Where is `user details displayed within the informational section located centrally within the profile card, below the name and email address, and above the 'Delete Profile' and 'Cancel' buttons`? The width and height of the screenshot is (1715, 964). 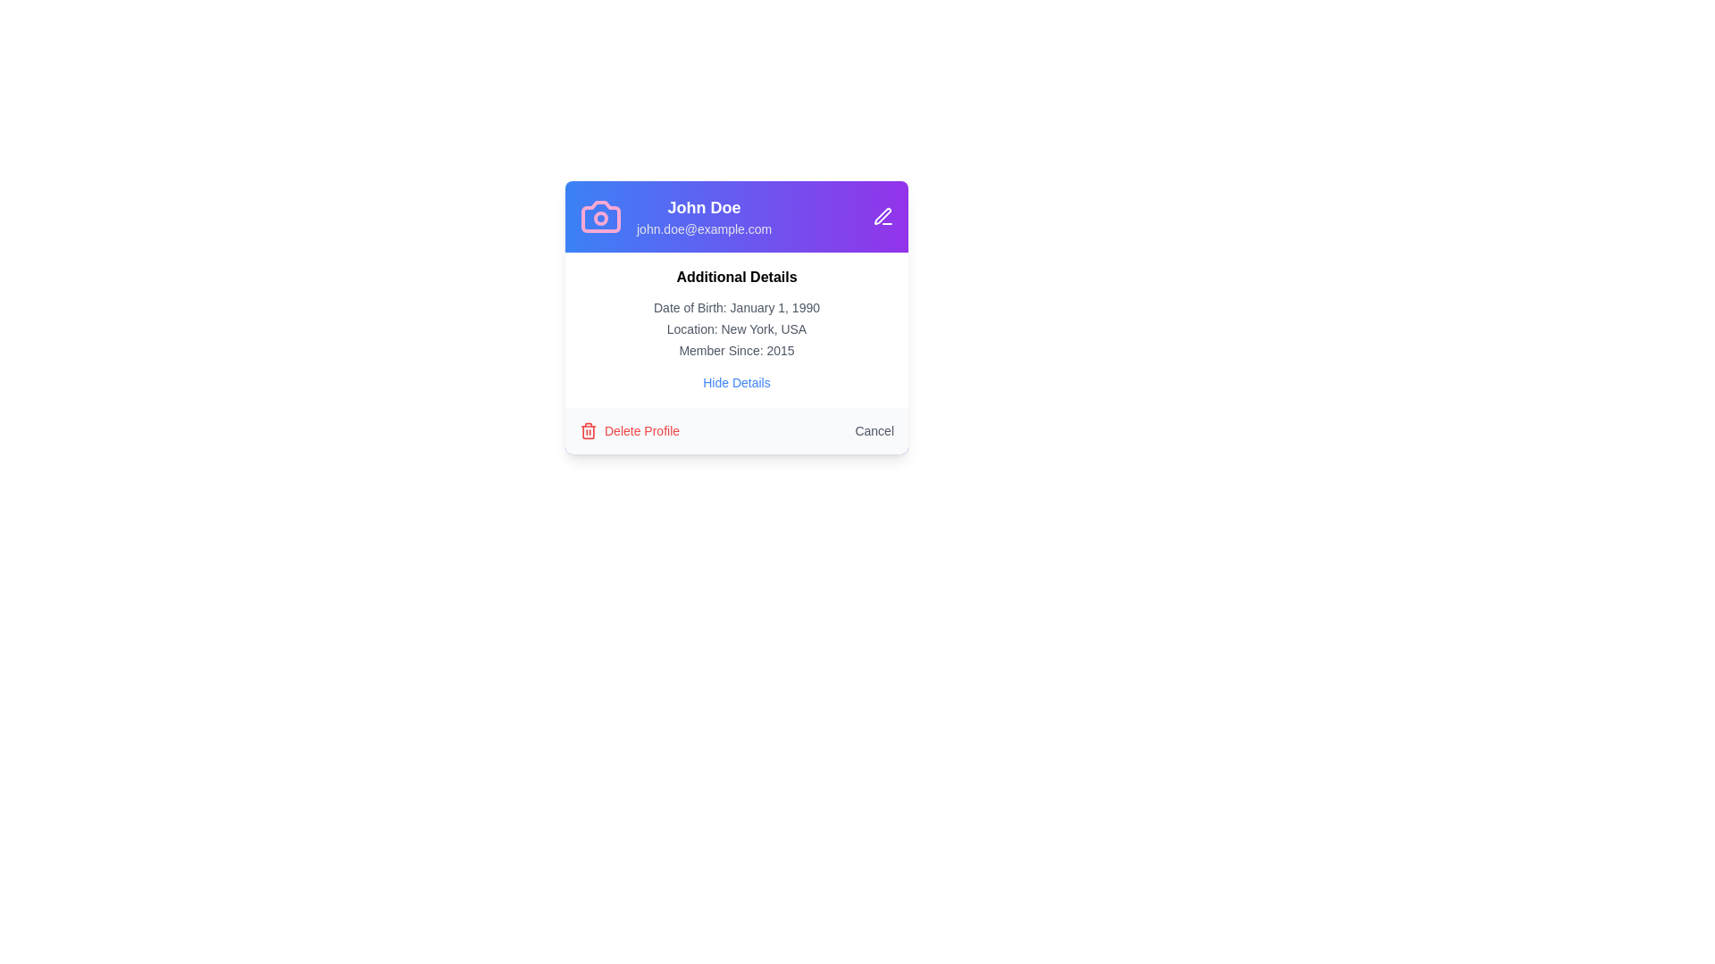 user details displayed within the informational section located centrally within the profile card, below the name and email address, and above the 'Delete Profile' and 'Cancel' buttons is located at coordinates (737, 330).